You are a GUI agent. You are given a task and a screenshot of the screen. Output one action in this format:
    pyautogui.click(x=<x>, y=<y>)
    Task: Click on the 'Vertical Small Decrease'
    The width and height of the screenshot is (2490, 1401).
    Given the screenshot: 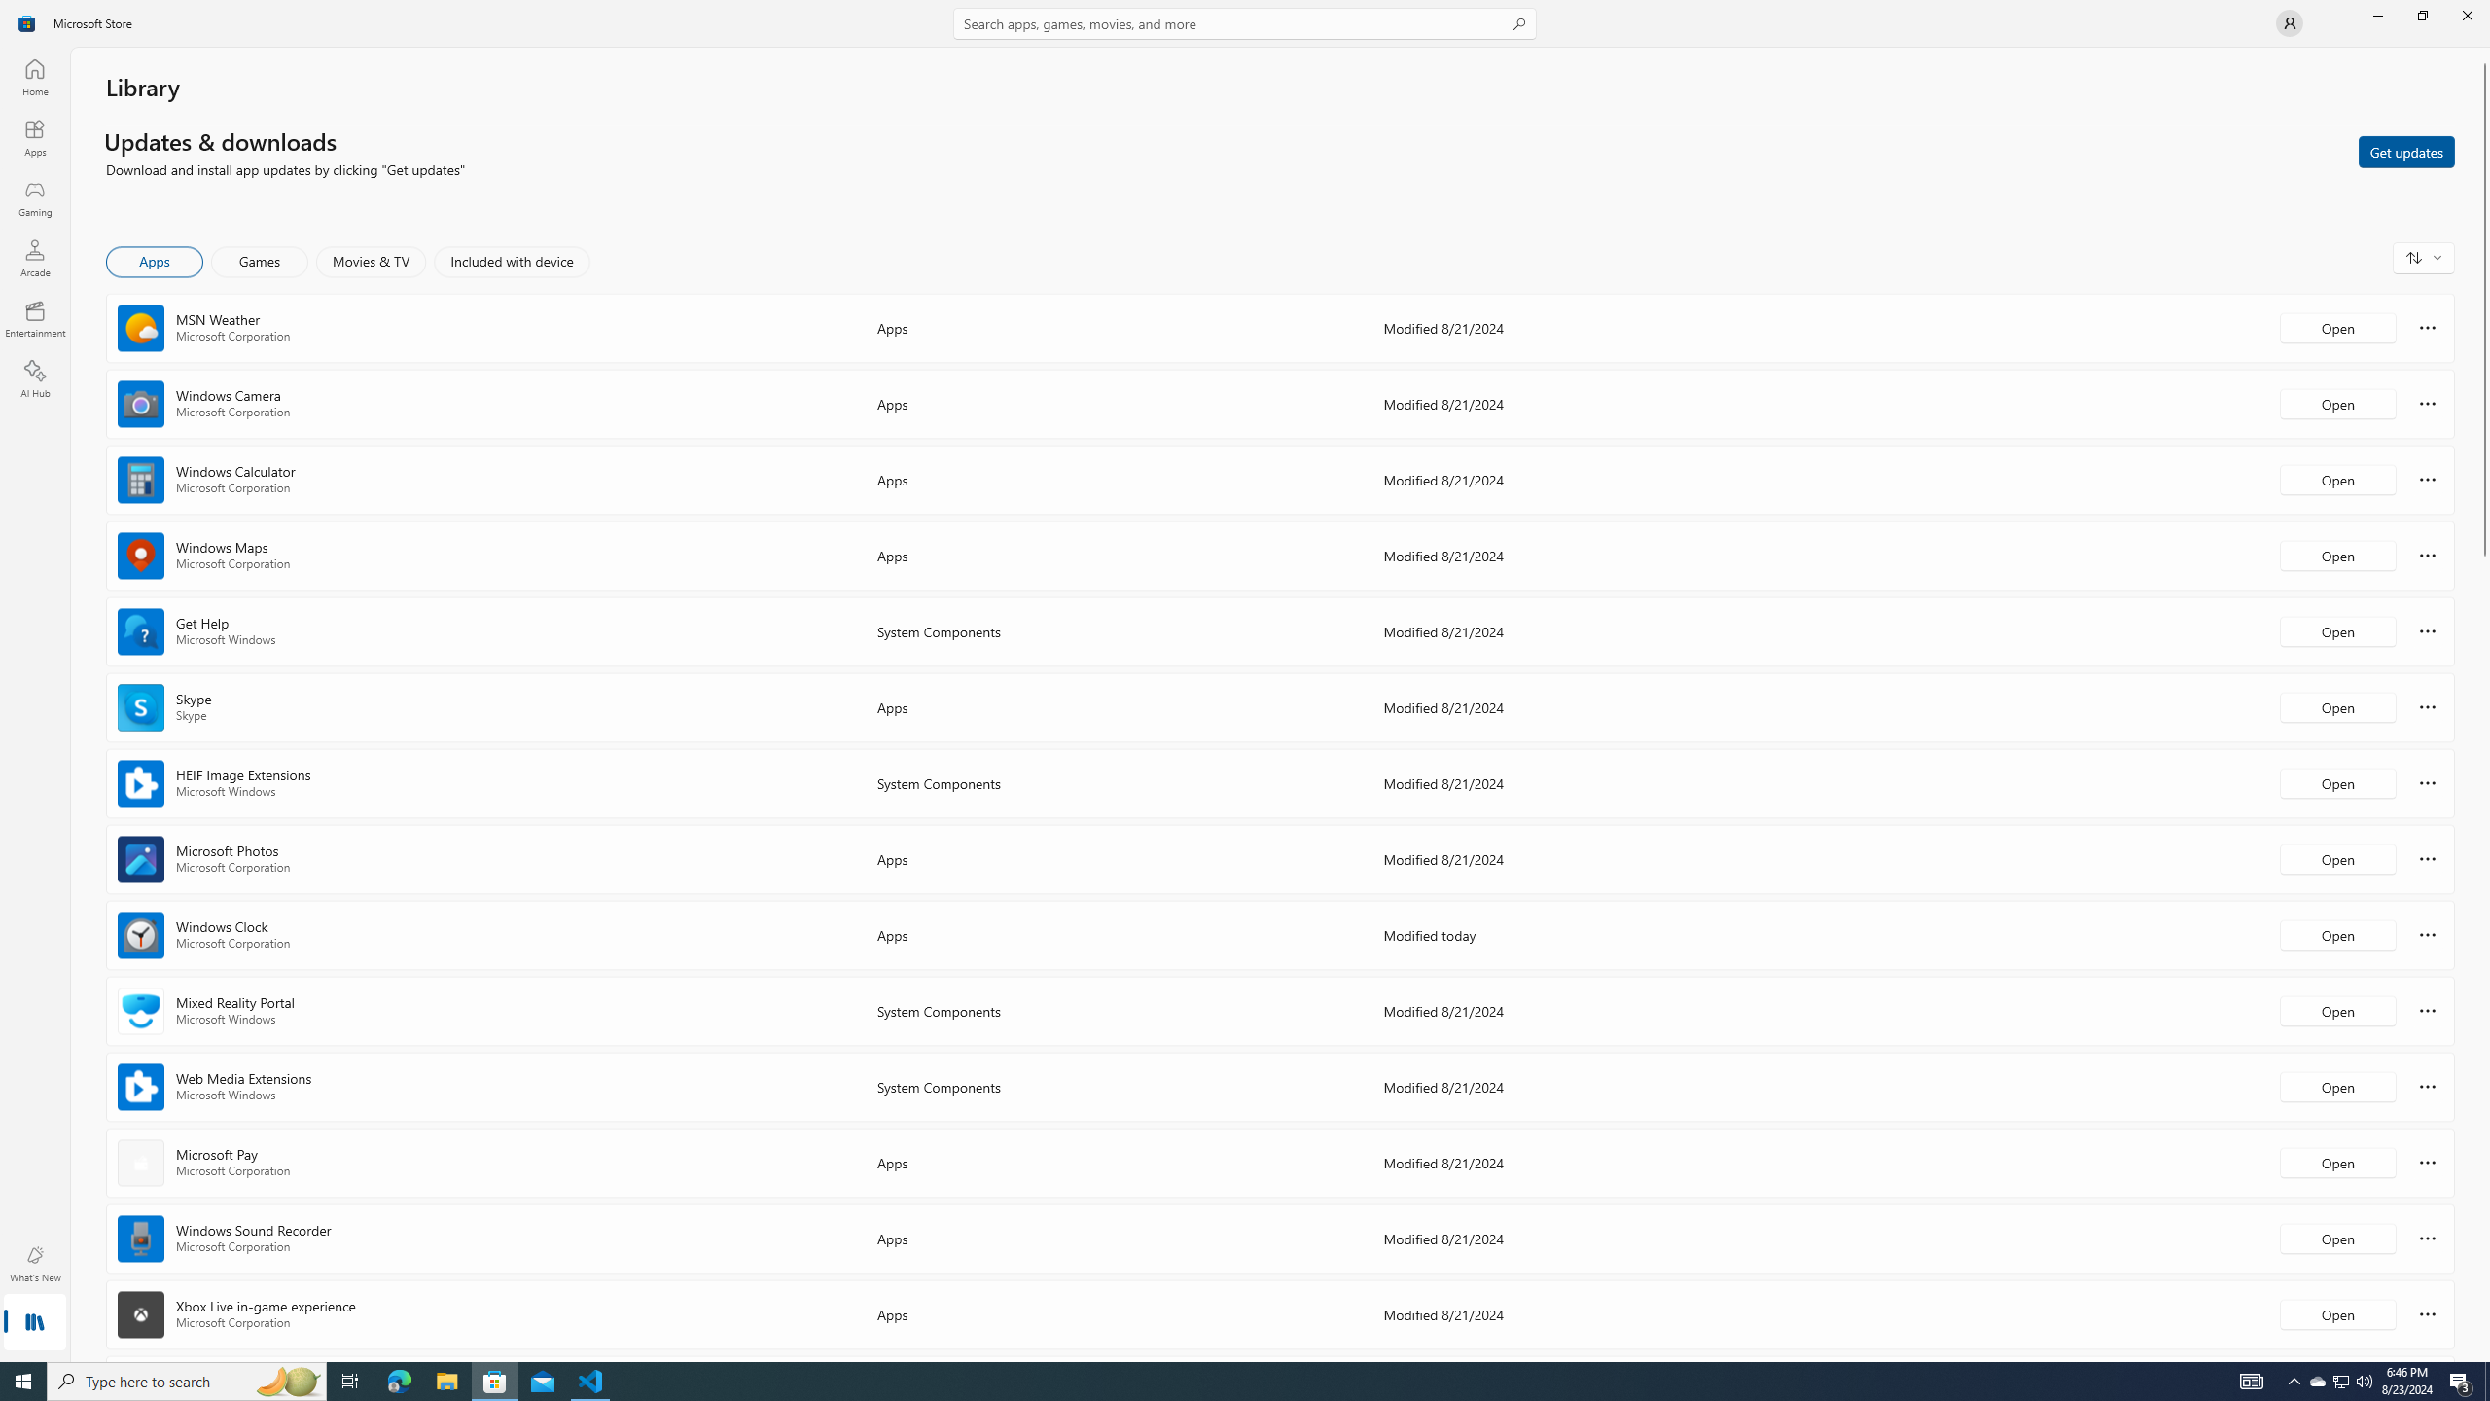 What is the action you would take?
    pyautogui.click(x=2482, y=54)
    